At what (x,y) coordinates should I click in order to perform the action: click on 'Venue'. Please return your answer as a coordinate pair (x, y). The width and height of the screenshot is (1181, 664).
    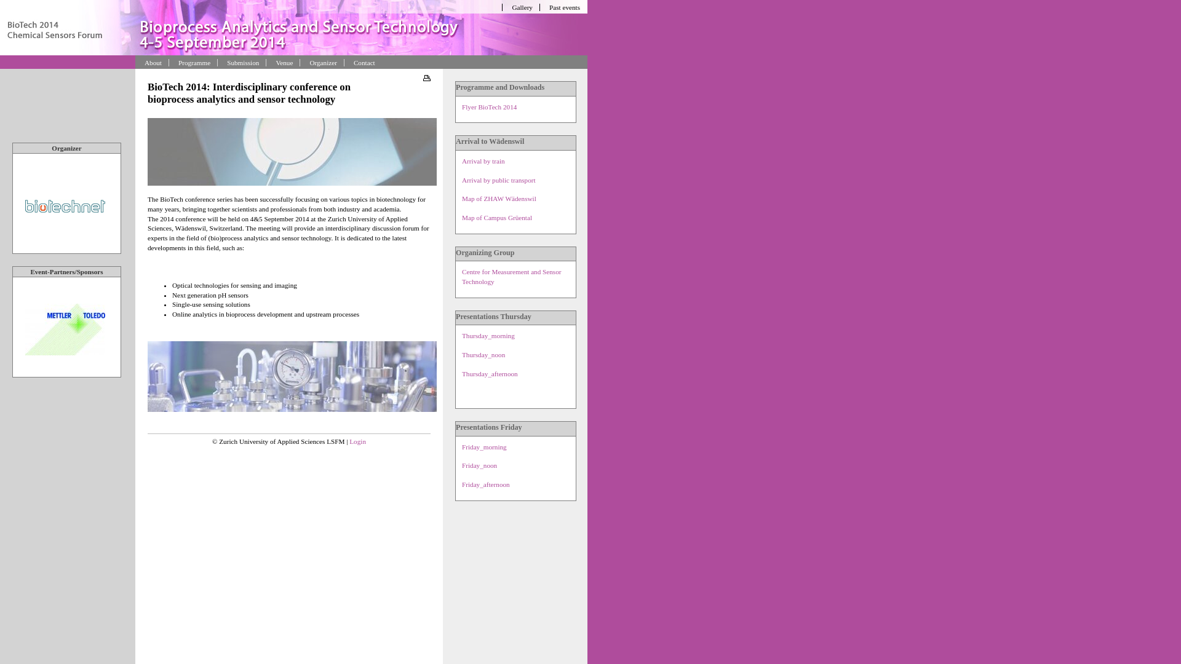
    Looking at the image, I should click on (280, 62).